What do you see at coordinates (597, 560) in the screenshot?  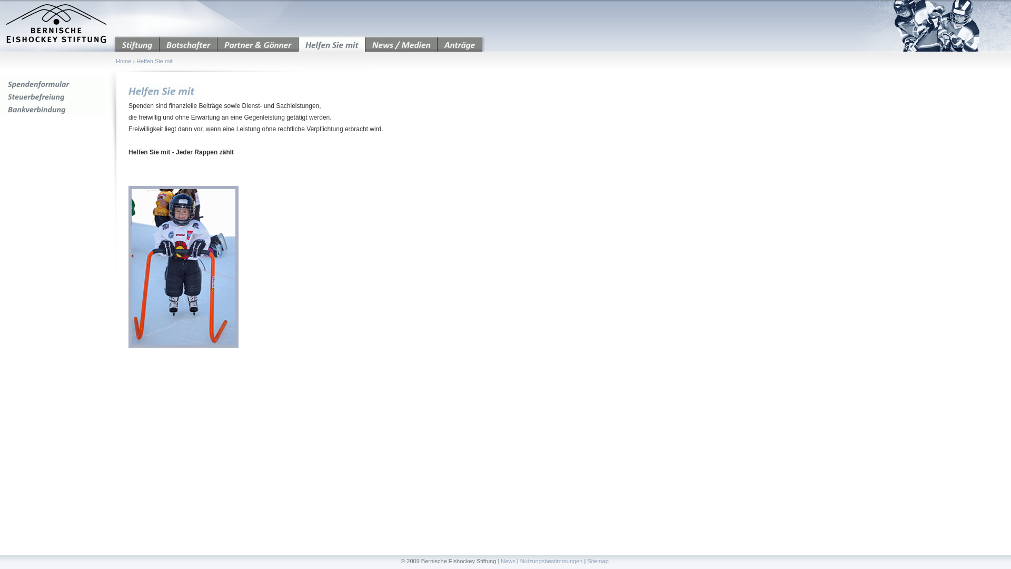 I see `'Sitemap'` at bounding box center [597, 560].